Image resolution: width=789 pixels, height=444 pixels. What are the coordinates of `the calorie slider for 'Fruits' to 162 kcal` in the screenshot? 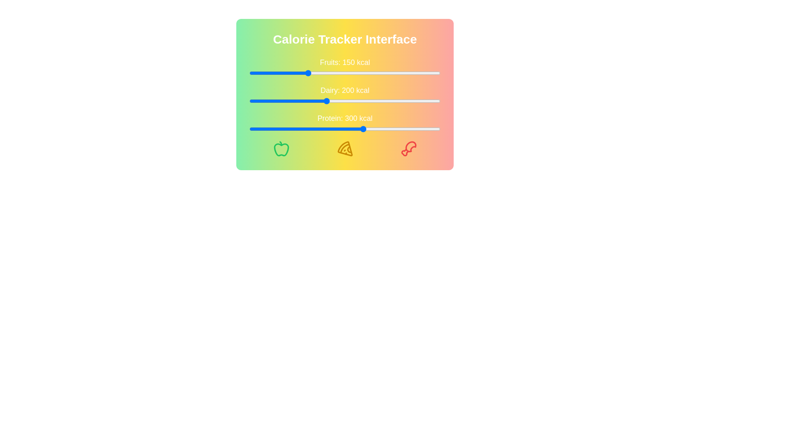 It's located at (311, 72).